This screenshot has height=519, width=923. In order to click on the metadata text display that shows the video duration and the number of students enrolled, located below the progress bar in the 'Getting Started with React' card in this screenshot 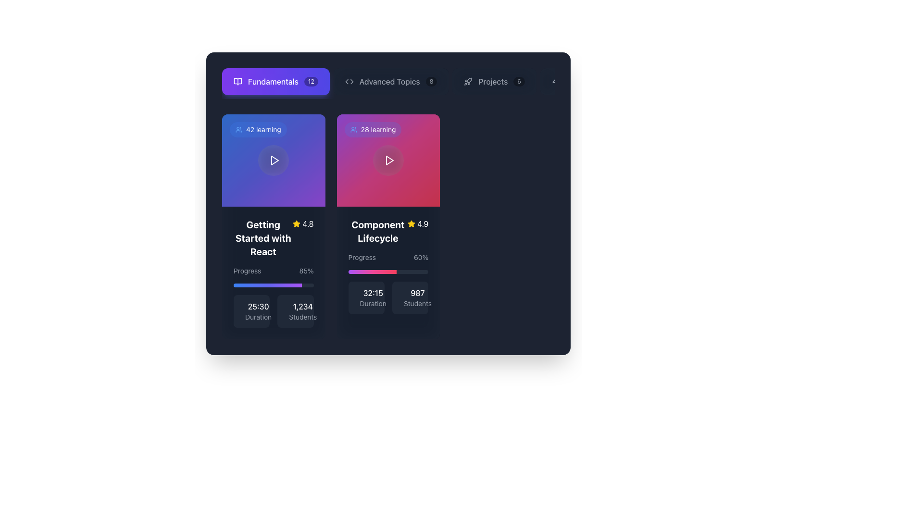, I will do `click(273, 311)`.